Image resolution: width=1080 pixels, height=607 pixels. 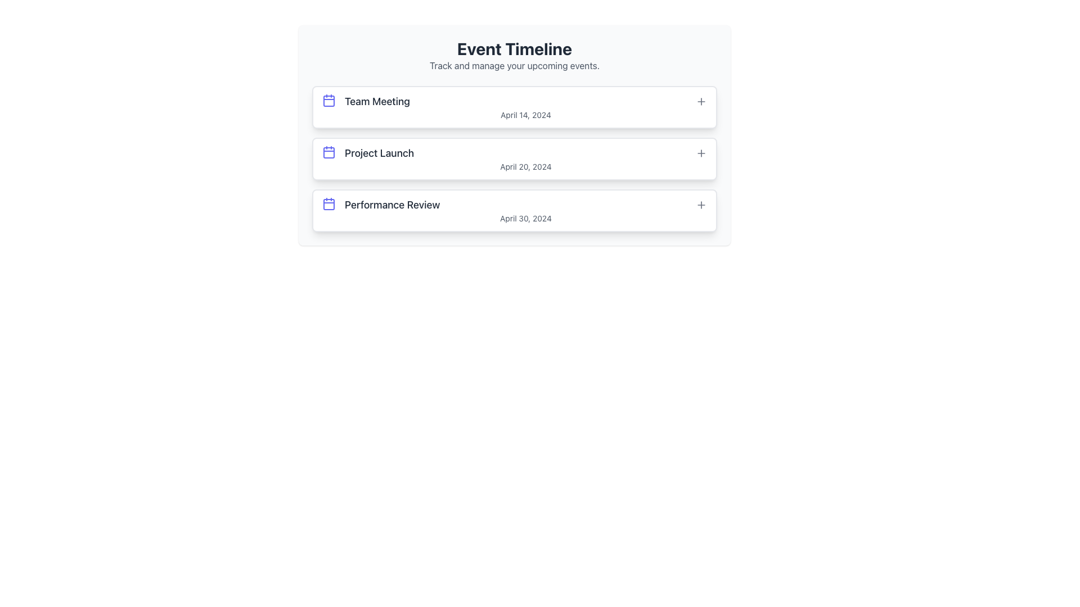 I want to click on the 'Performance Review' text label, which is displayed in bold and medium-sized dark-gray font, to initiate a related action, so click(x=392, y=205).